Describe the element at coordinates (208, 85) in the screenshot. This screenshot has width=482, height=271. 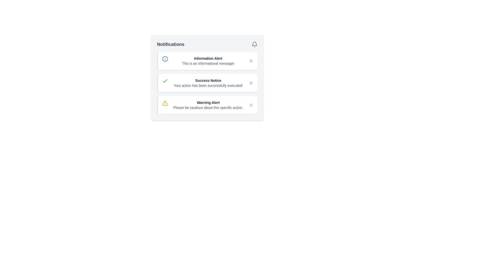
I see `feedback message located in the notification card titled 'Success Notice', which is centered below its title in the second notification card of a vertically stacked list of notifications` at that location.